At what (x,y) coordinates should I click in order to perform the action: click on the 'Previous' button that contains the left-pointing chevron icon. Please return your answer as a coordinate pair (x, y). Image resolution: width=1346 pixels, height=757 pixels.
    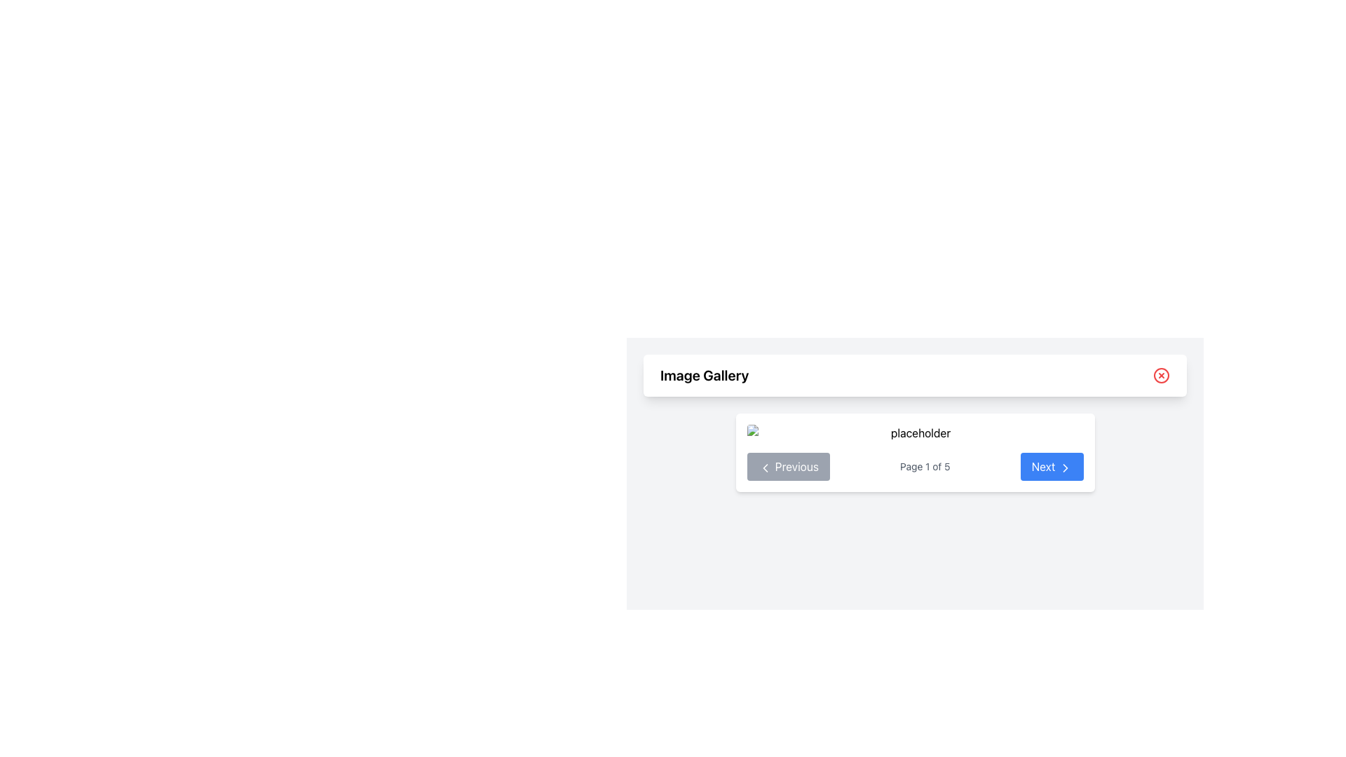
    Looking at the image, I should click on (764, 468).